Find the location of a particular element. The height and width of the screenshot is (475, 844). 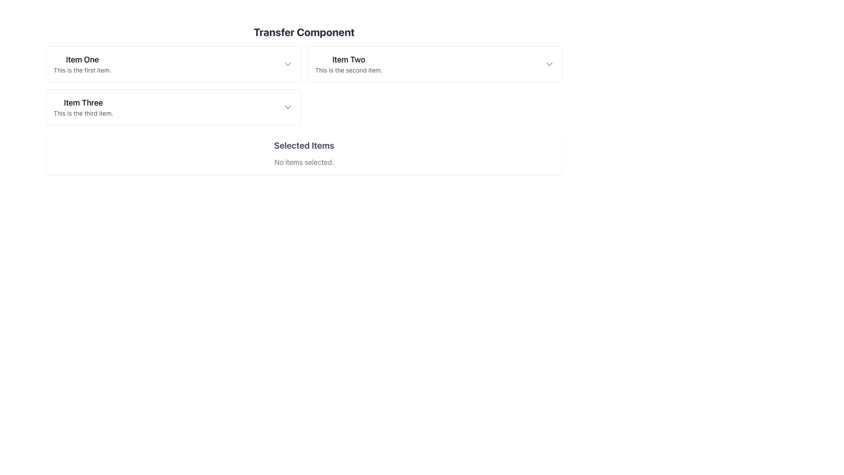

the text label reading 'This is the first item.' located beneath the bold header 'Item One' is located at coordinates (82, 69).